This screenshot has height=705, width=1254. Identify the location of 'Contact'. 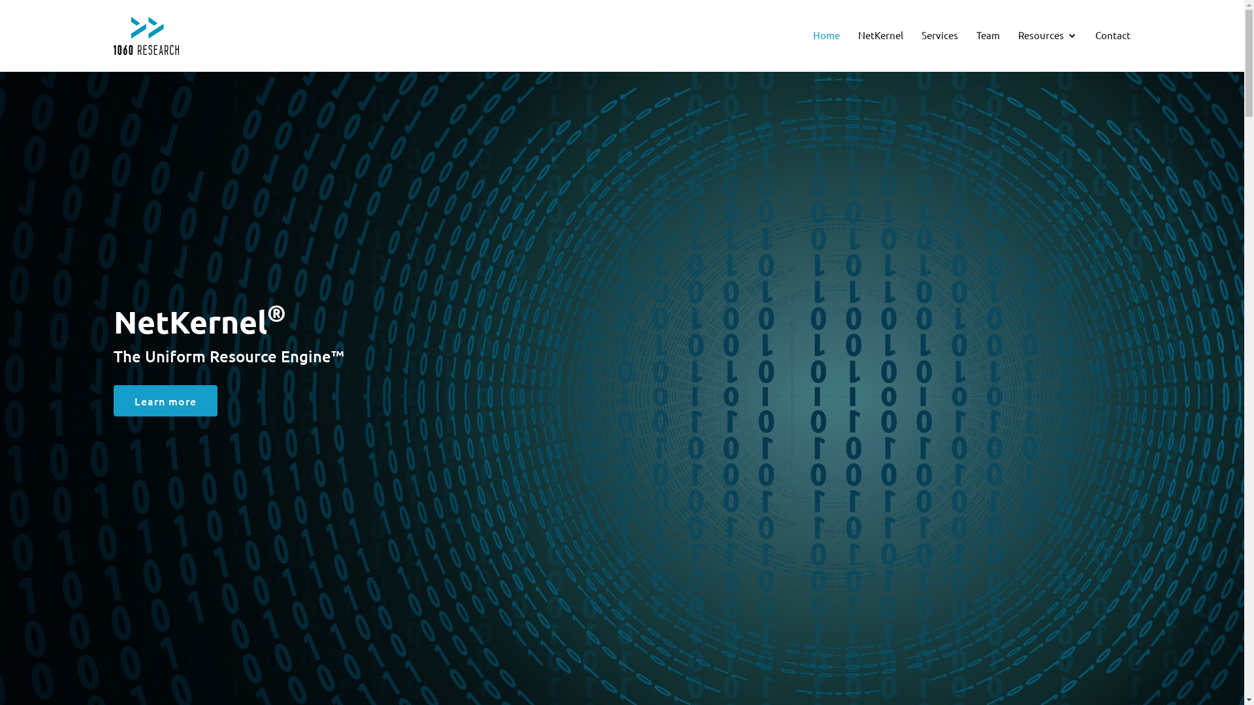
(1112, 35).